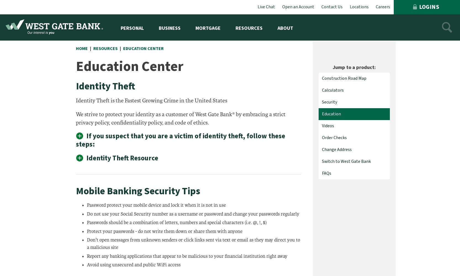  Describe the element at coordinates (266, 7) in the screenshot. I see `'Live Chat'` at that location.